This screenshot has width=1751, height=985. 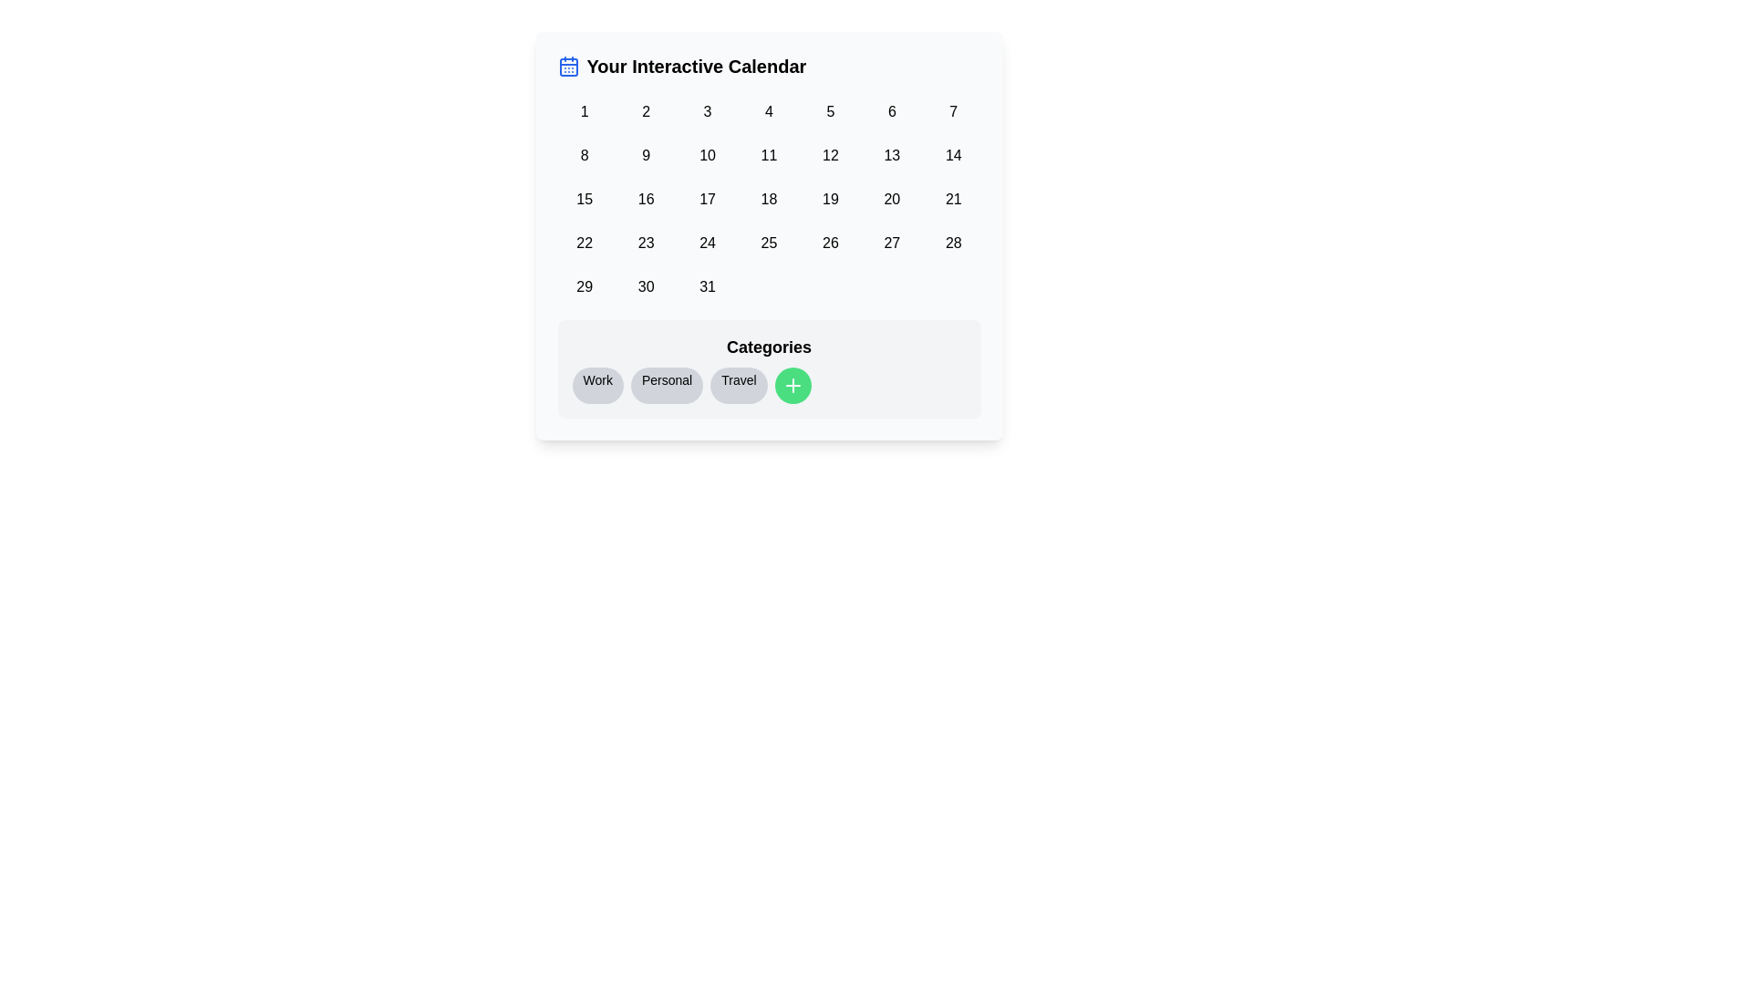 I want to click on the square button displaying the number '3' in the first row and third column of the calendar grid, so click(x=707, y=112).